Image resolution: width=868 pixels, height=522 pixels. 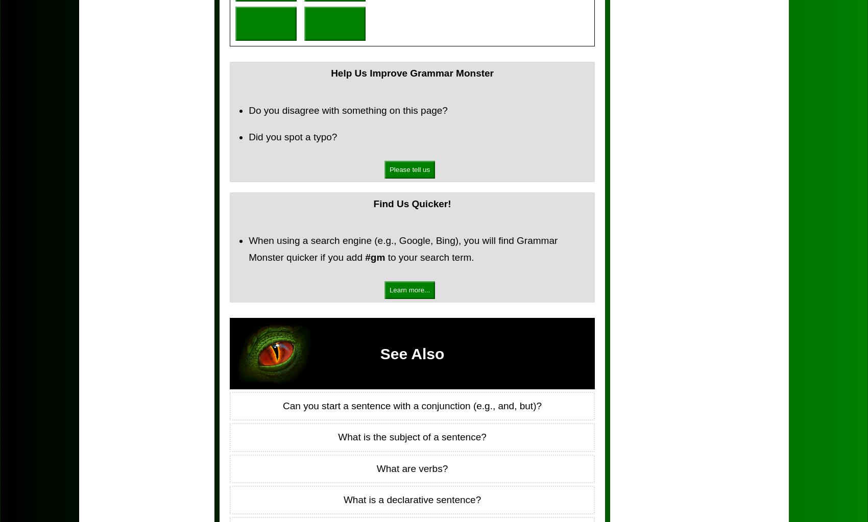 I want to click on 'Learn more...', so click(x=409, y=290).